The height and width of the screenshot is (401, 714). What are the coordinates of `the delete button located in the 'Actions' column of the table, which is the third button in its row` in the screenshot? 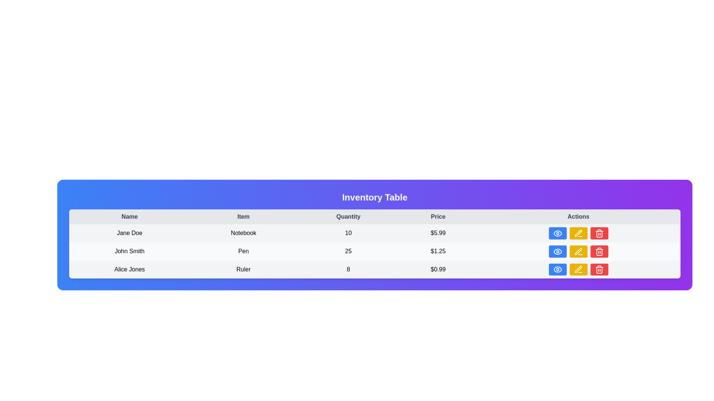 It's located at (599, 269).